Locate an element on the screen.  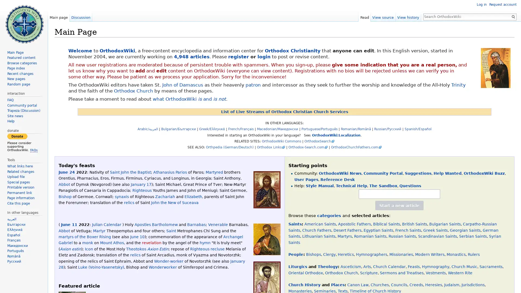
Start a new article is located at coordinates (399, 205).